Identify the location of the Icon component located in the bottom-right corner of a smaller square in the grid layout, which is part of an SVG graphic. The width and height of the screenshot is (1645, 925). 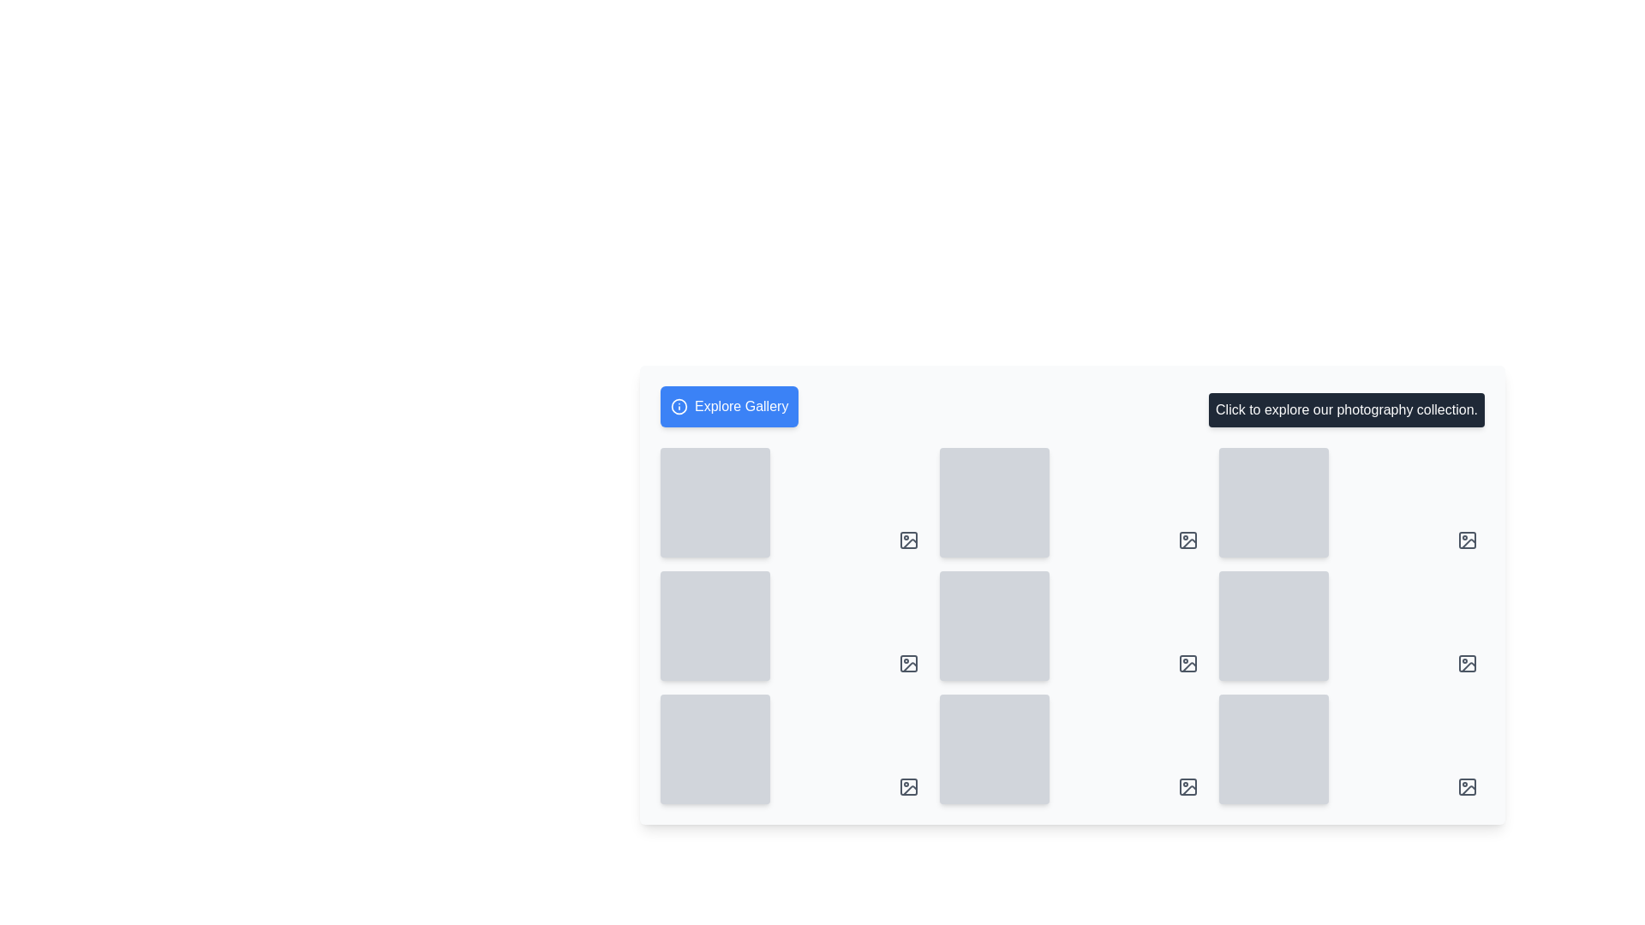
(1188, 544).